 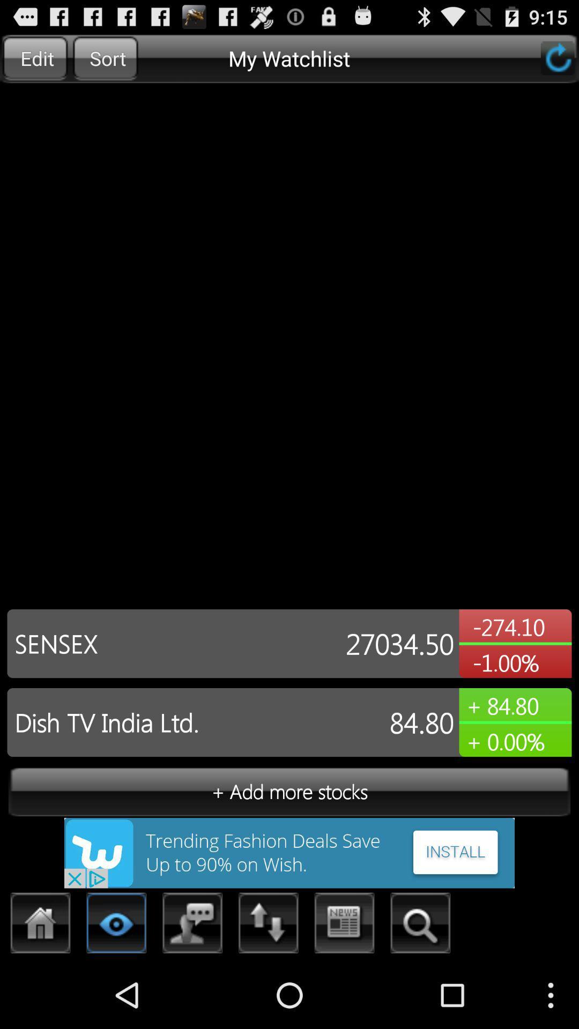 What do you see at coordinates (192, 926) in the screenshot?
I see `chat` at bounding box center [192, 926].